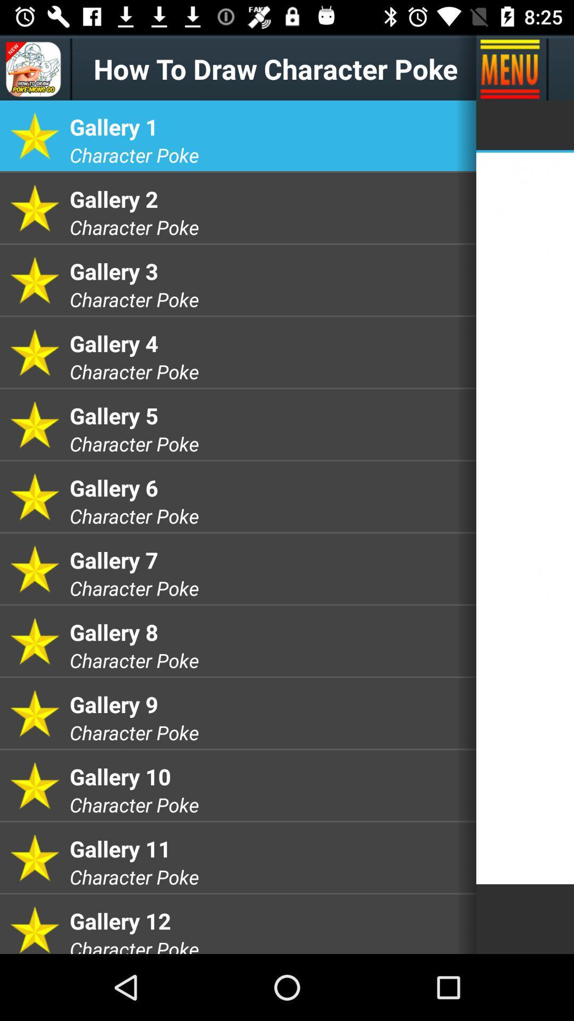  Describe the element at coordinates (525, 518) in the screenshot. I see `the item on the right` at that location.